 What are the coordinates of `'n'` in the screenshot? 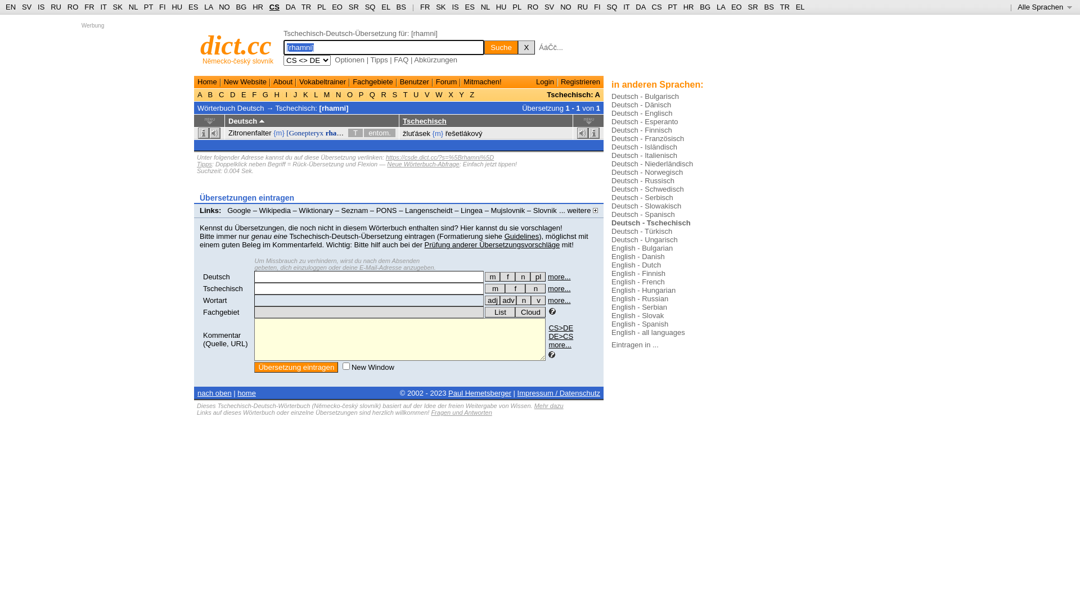 It's located at (522, 277).